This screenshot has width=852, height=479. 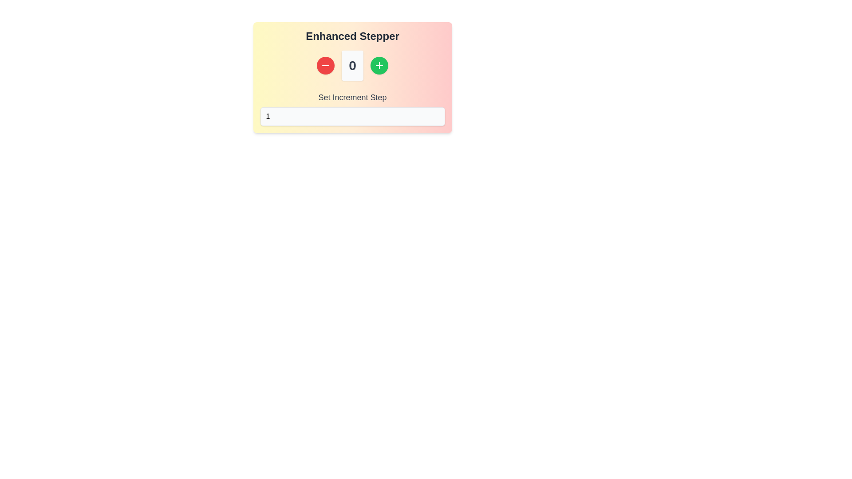 I want to click on the increment button located on the center-right side of the control panel interface, so click(x=379, y=65).